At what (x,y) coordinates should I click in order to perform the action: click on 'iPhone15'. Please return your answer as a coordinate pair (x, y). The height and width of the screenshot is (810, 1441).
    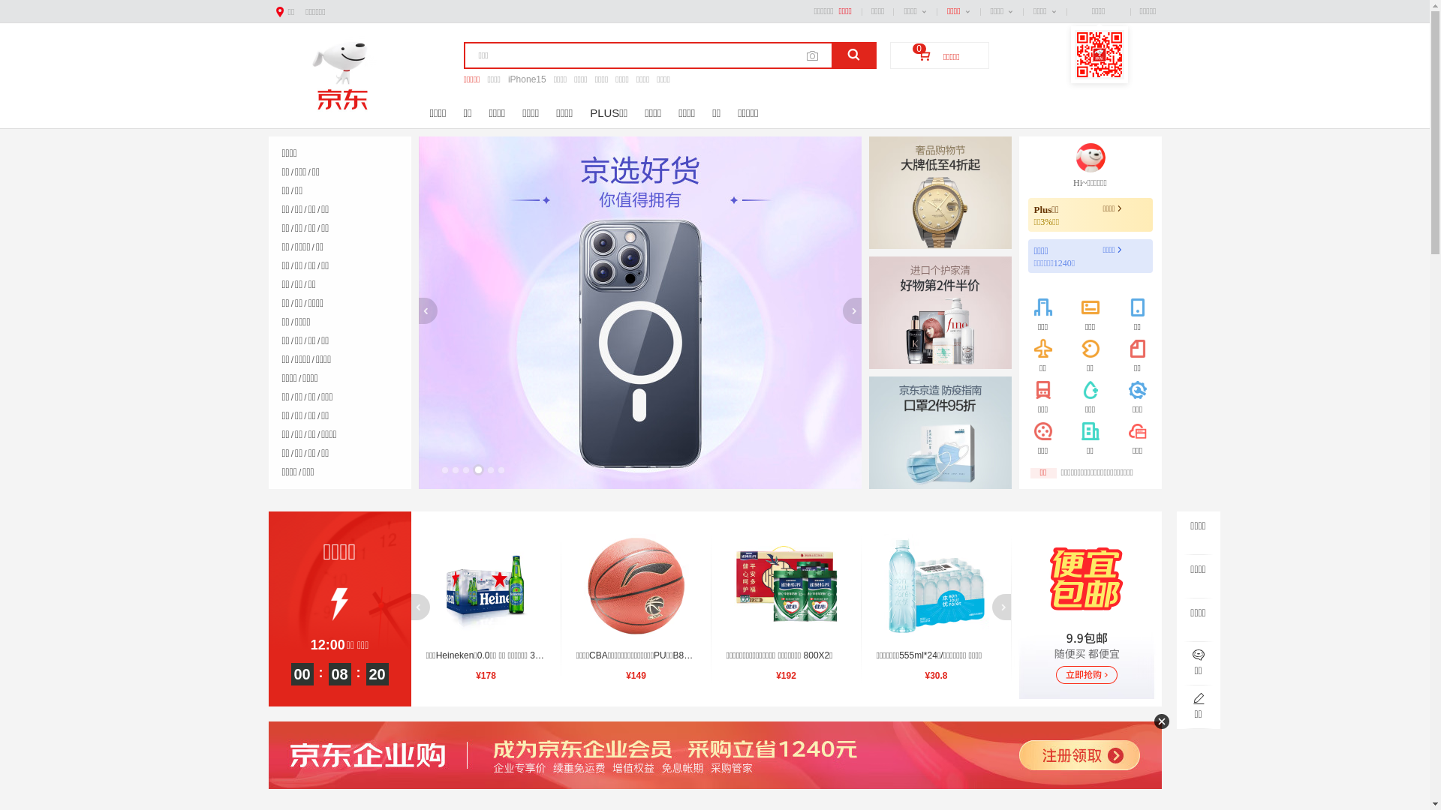
    Looking at the image, I should click on (507, 79).